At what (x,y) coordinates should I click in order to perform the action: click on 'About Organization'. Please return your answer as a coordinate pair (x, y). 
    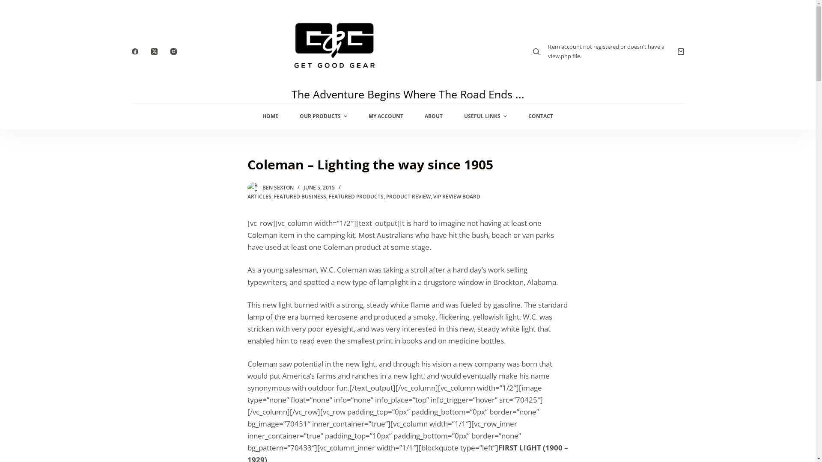
    Looking at the image, I should click on (131, 302).